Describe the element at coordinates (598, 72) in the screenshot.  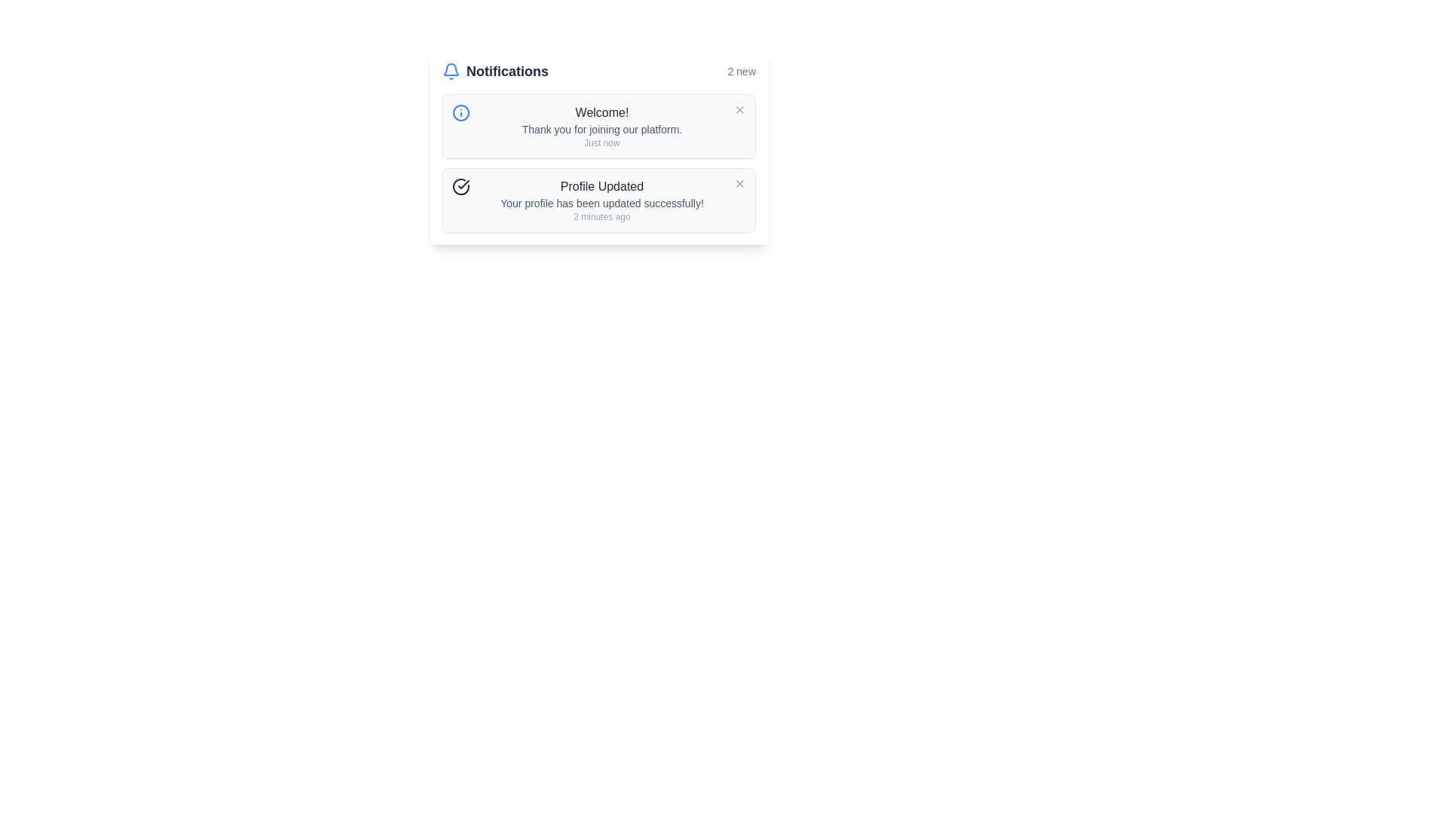
I see `the title and details of the notifications section, which is represented by the text header with an icon positioned at the top of the notification card` at that location.